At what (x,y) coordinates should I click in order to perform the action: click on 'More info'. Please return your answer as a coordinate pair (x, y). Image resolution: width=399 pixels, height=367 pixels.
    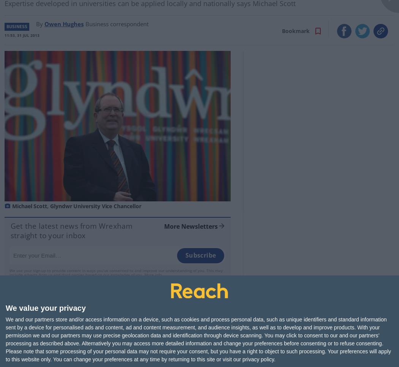
    Looking at the image, I should click on (153, 274).